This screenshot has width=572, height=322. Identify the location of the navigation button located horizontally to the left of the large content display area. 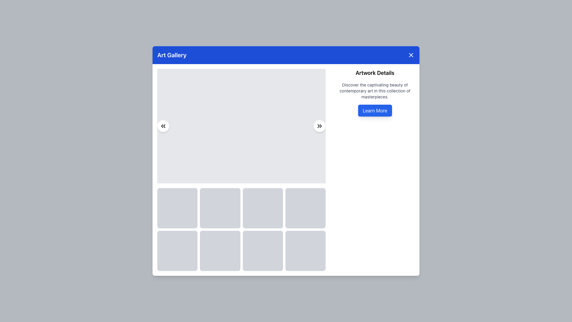
(163, 125).